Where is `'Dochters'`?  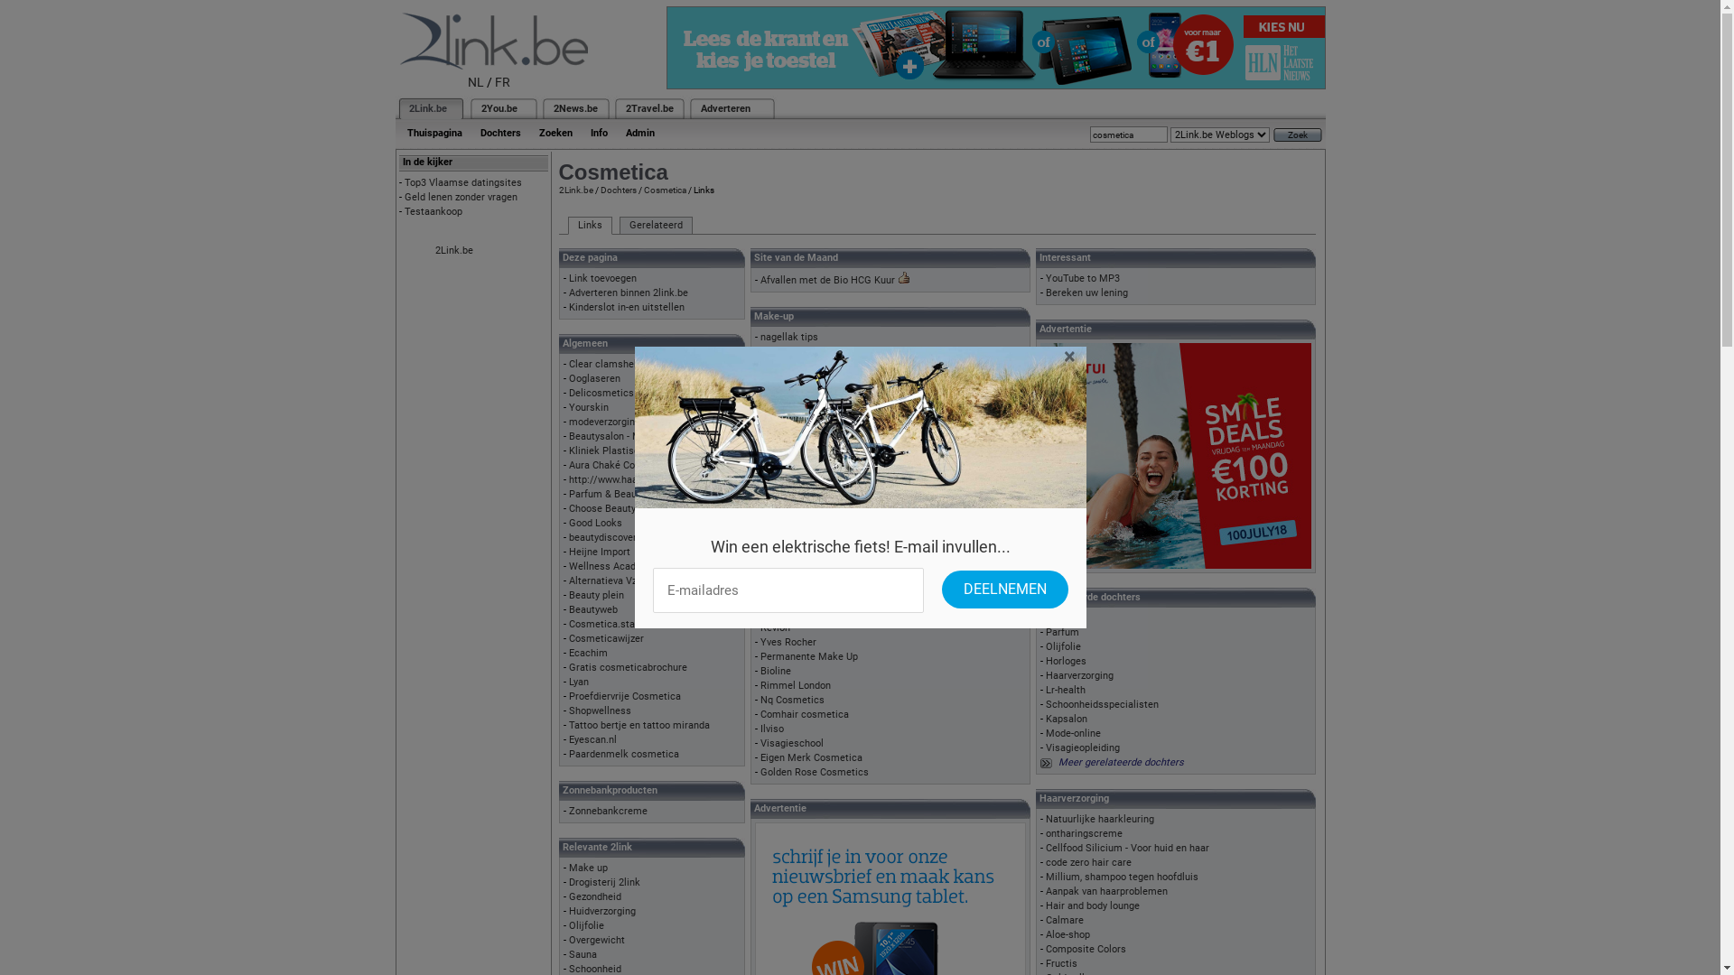 'Dochters' is located at coordinates (617, 190).